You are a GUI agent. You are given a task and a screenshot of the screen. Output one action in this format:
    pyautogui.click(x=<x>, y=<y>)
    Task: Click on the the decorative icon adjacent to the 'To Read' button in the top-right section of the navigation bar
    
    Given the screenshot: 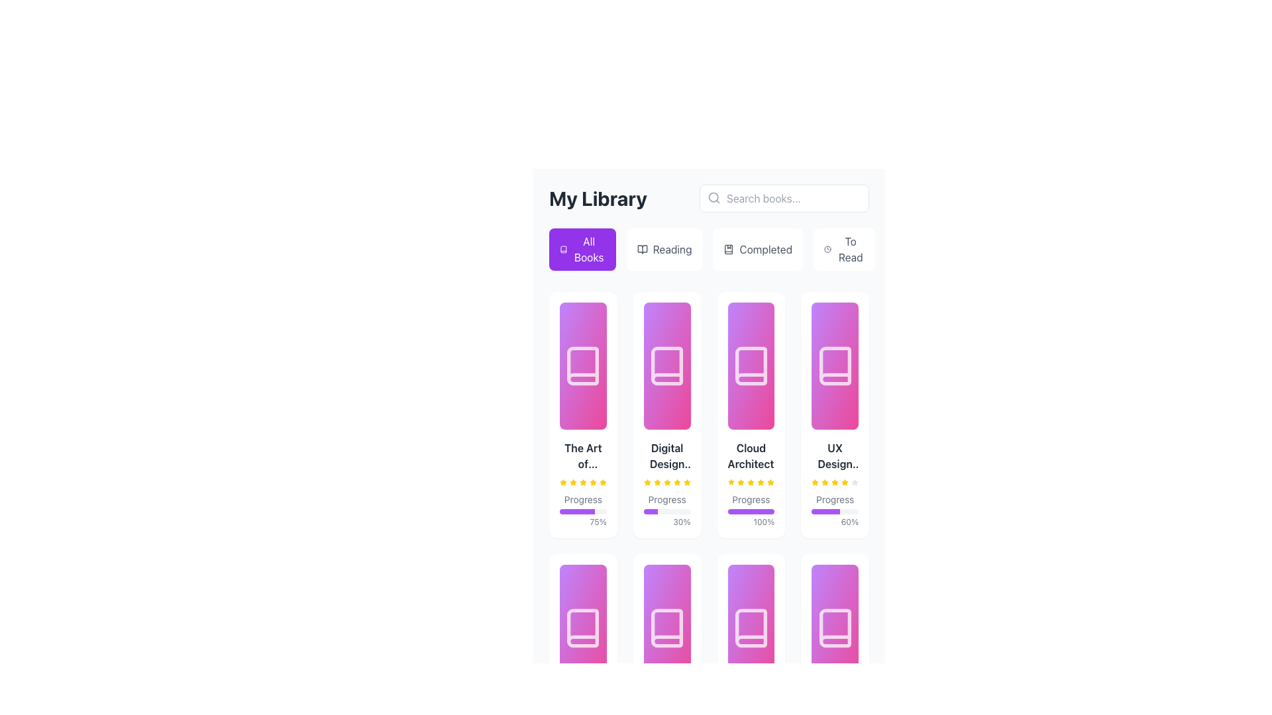 What is the action you would take?
    pyautogui.click(x=827, y=250)
    